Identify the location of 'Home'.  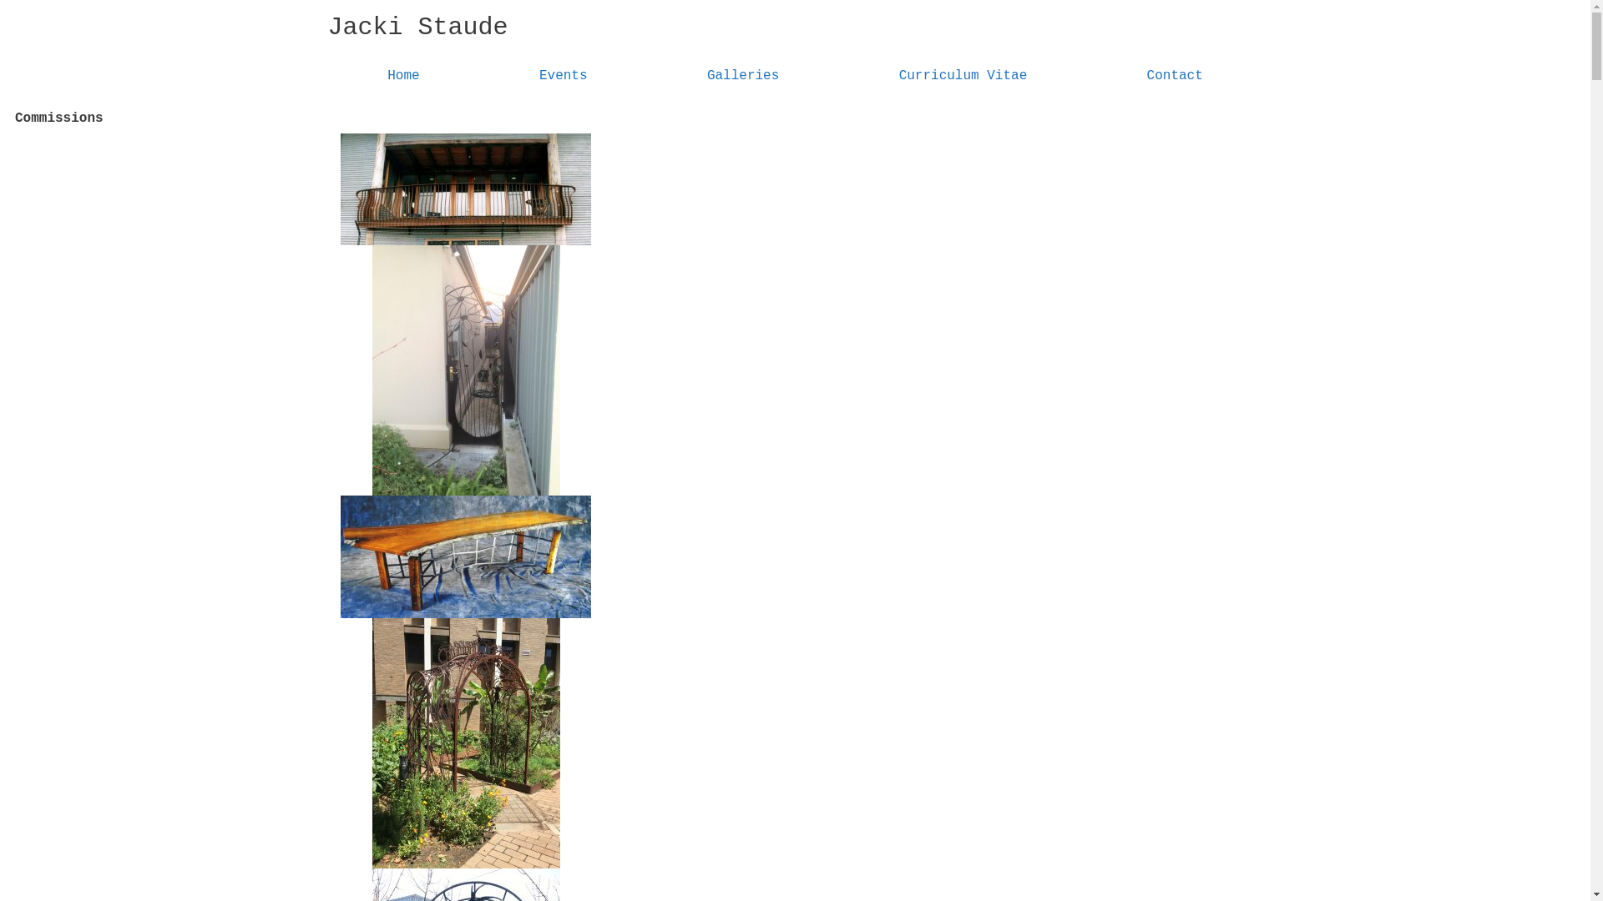
(403, 76).